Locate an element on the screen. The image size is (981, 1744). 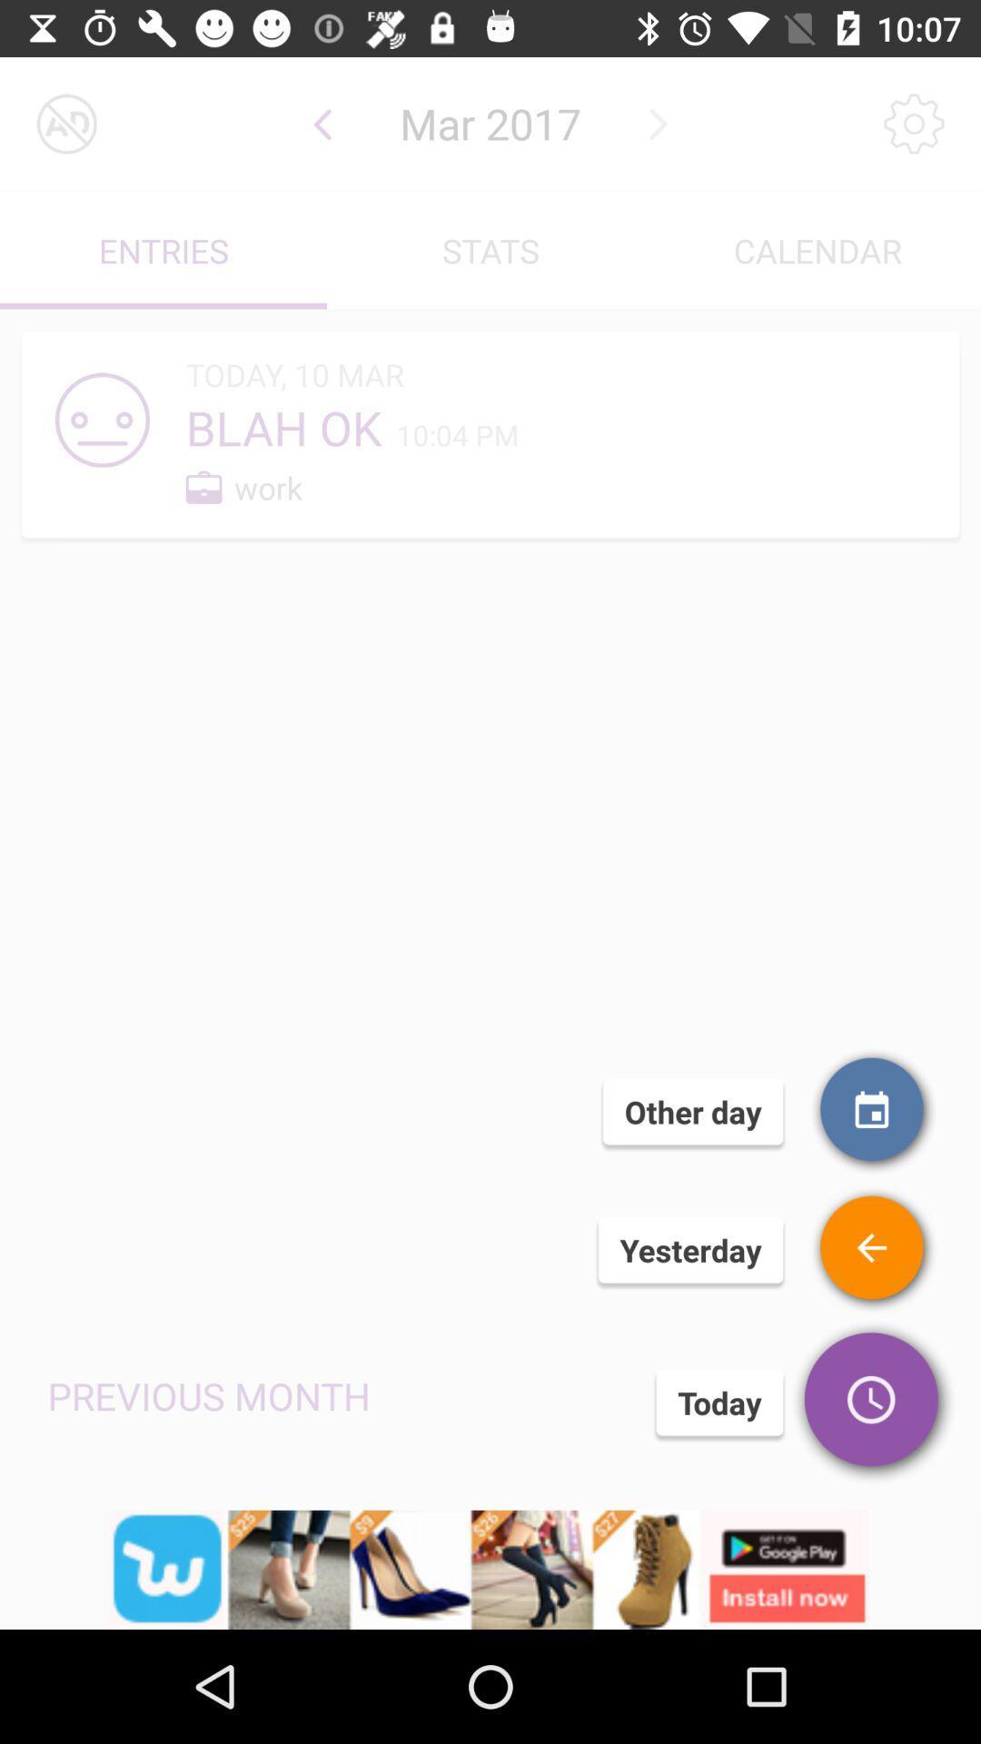
back button is located at coordinates (872, 1249).